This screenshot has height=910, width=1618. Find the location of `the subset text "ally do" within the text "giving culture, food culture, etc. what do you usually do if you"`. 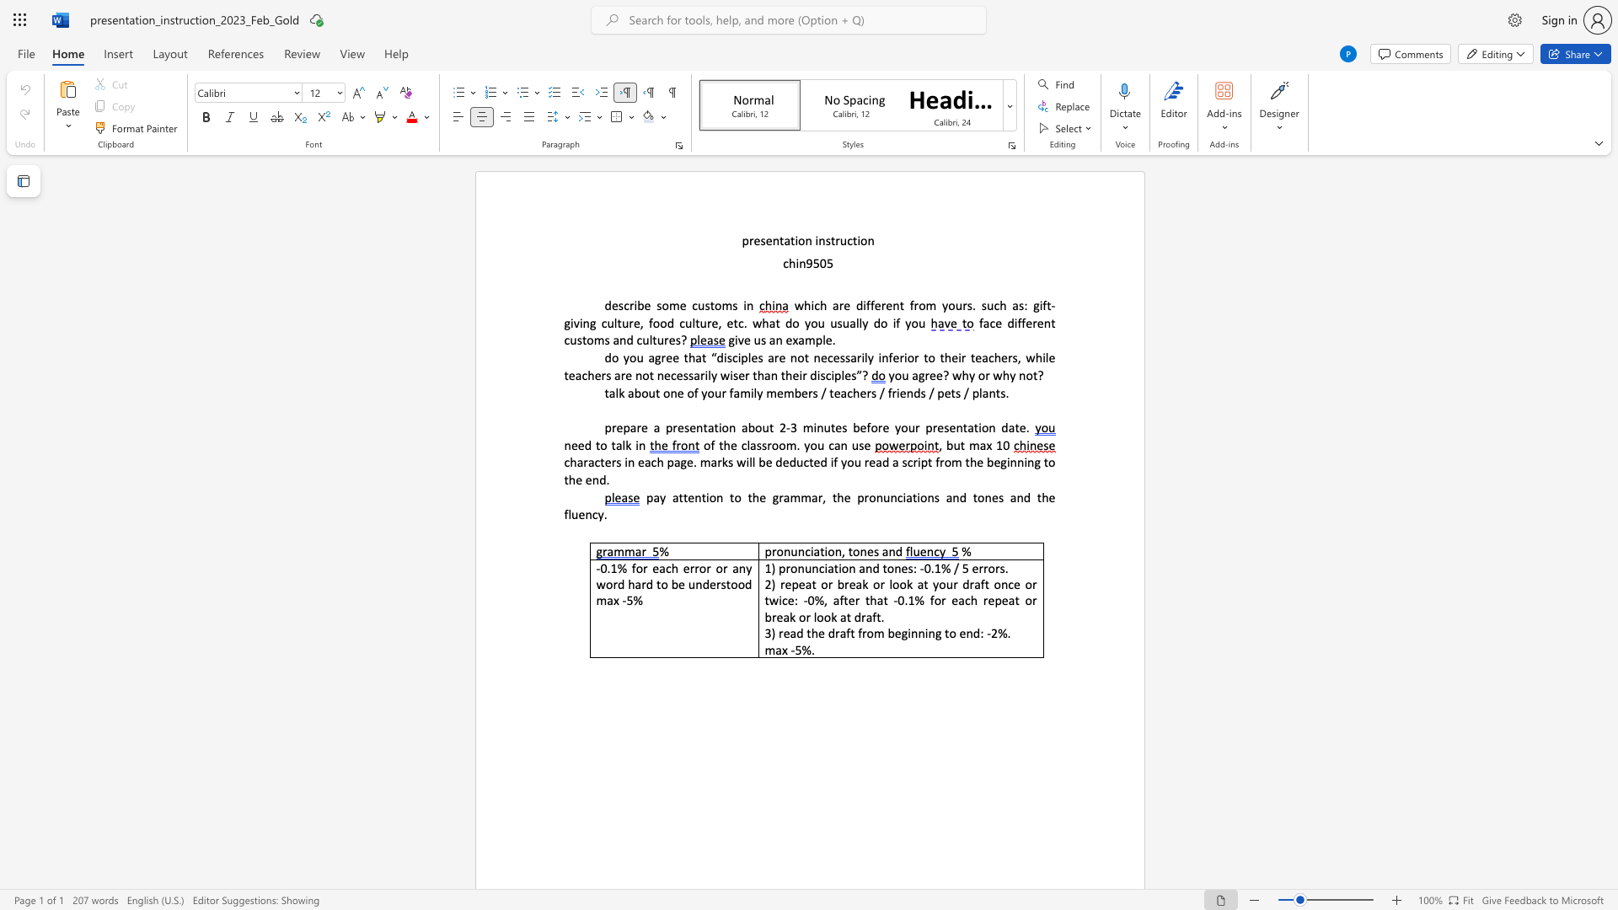

the subset text "ally do" within the text "giving culture, food culture, etc. what do you usually do if you" is located at coordinates (849, 323).